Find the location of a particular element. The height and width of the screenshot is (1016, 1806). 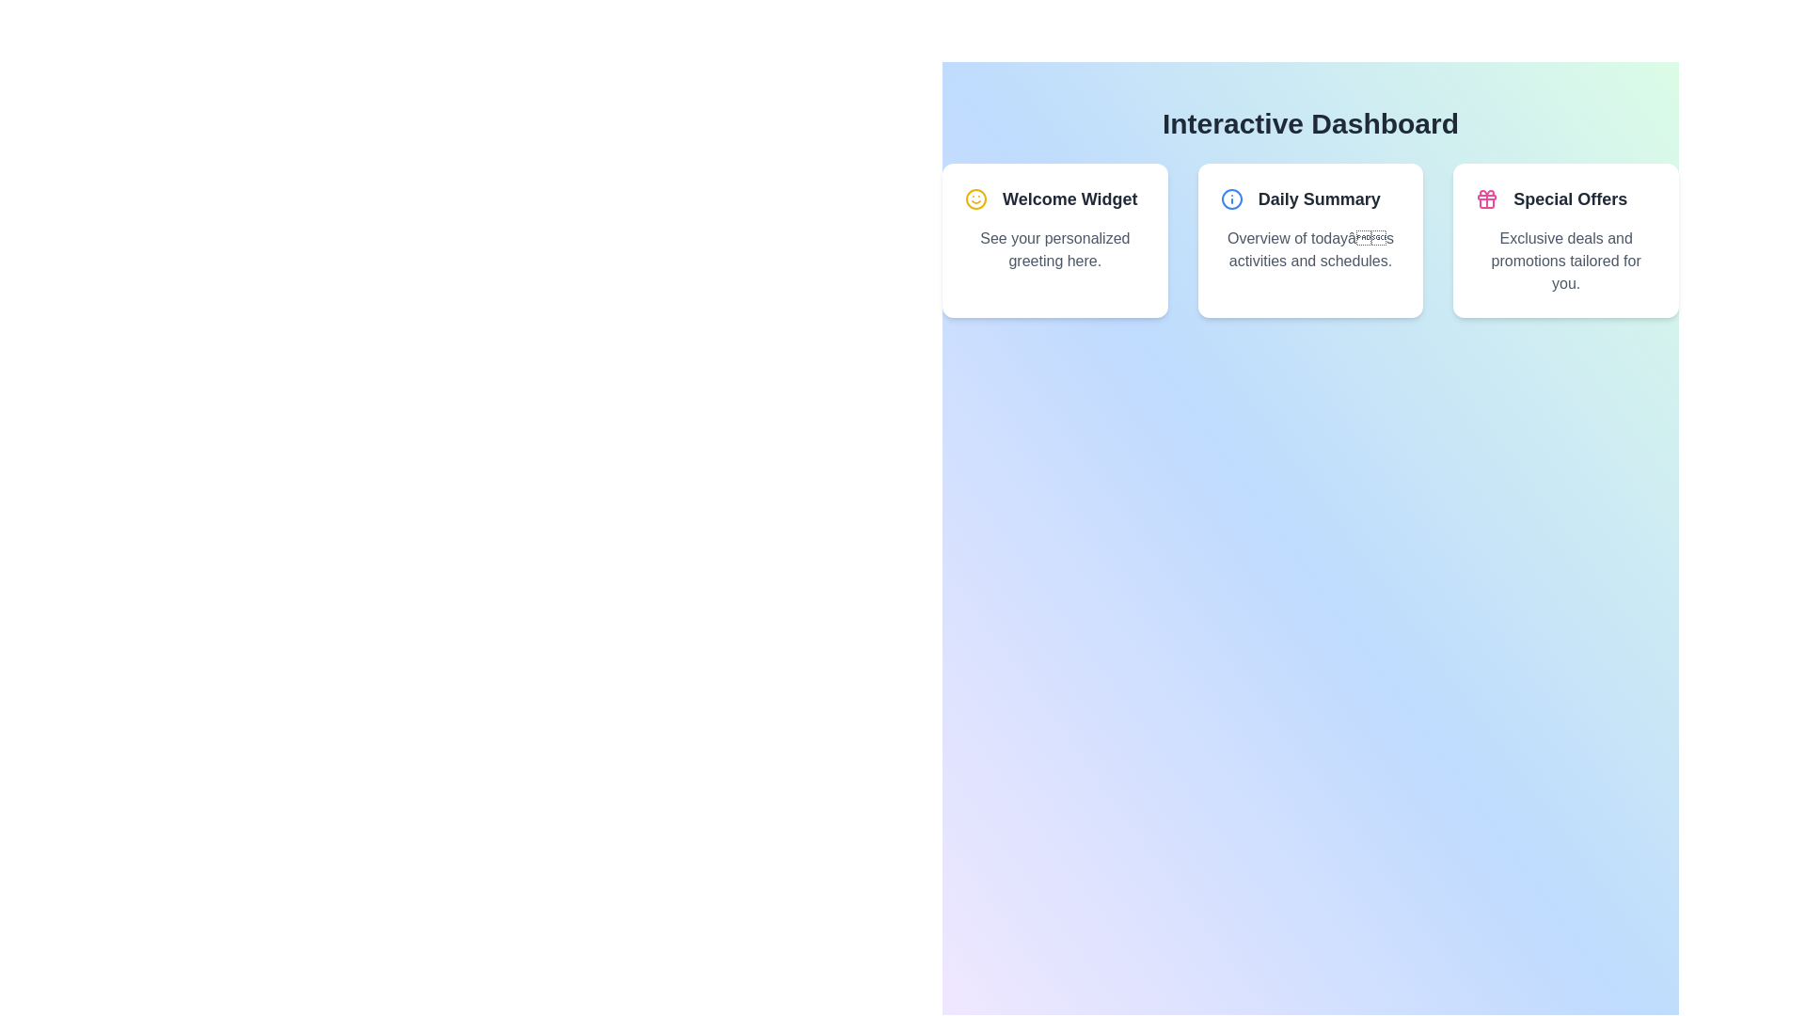

the static text element displaying 'See your personalized greeting here.' which is styled with the class 'text-gray-600' and positioned below the header text 'Welcome Widget' is located at coordinates (1054, 249).